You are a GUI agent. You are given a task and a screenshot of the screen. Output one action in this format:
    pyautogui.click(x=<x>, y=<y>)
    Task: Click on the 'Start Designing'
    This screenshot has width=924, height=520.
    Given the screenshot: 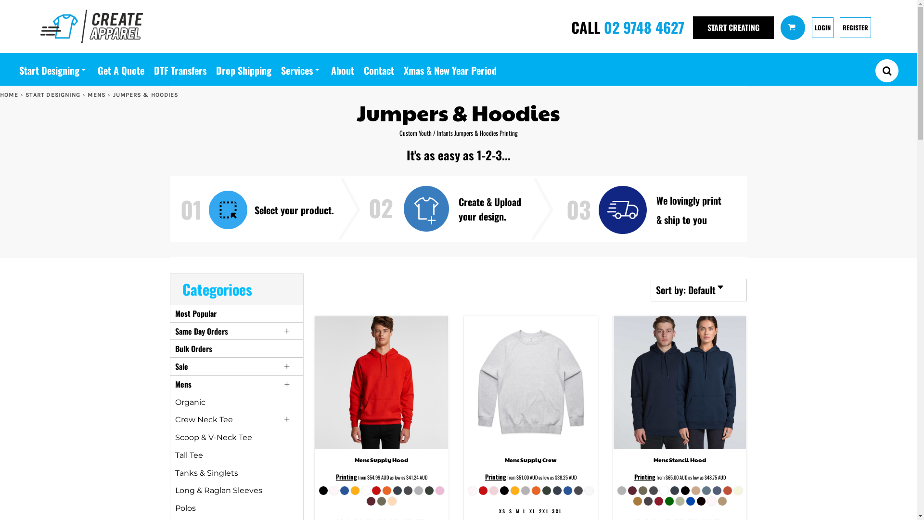 What is the action you would take?
    pyautogui.click(x=53, y=68)
    